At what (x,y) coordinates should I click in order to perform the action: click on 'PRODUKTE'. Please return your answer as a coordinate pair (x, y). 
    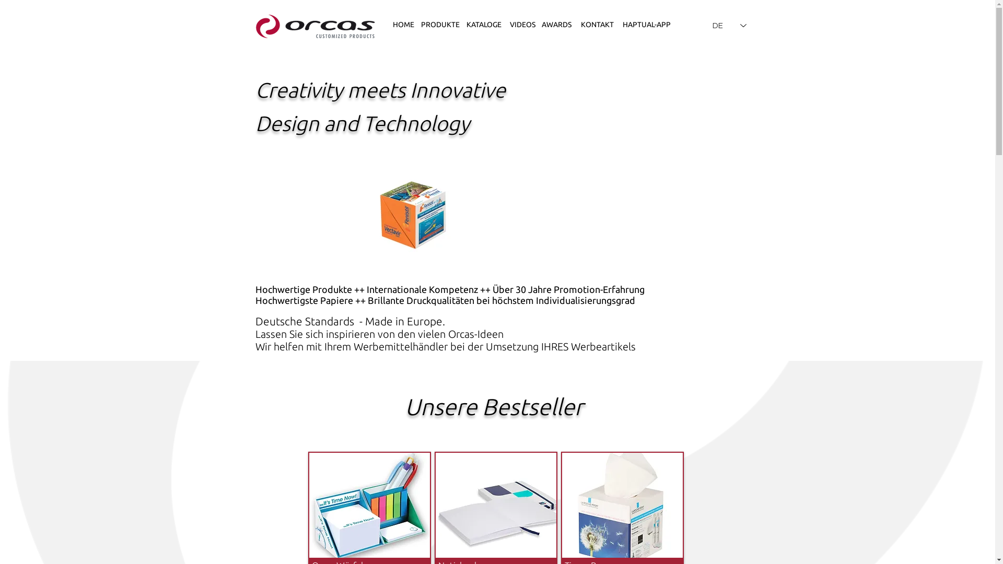
    Looking at the image, I should click on (440, 24).